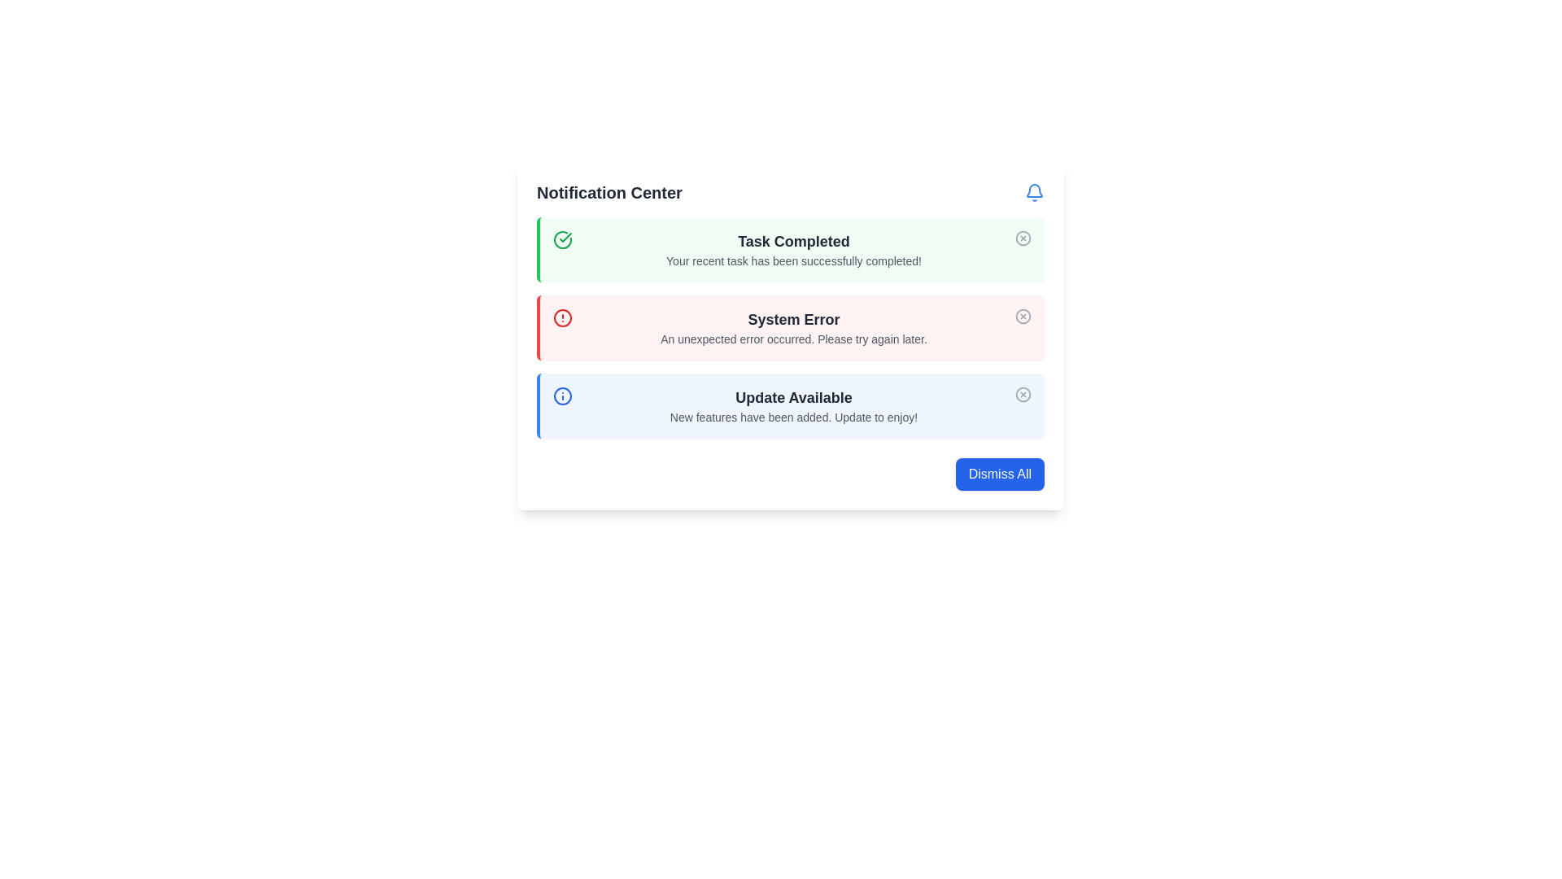 The width and height of the screenshot is (1562, 879). I want to click on information from the Notification box, which is the third notification in the stacked list, located at the bottom of the notifications, so click(790, 405).